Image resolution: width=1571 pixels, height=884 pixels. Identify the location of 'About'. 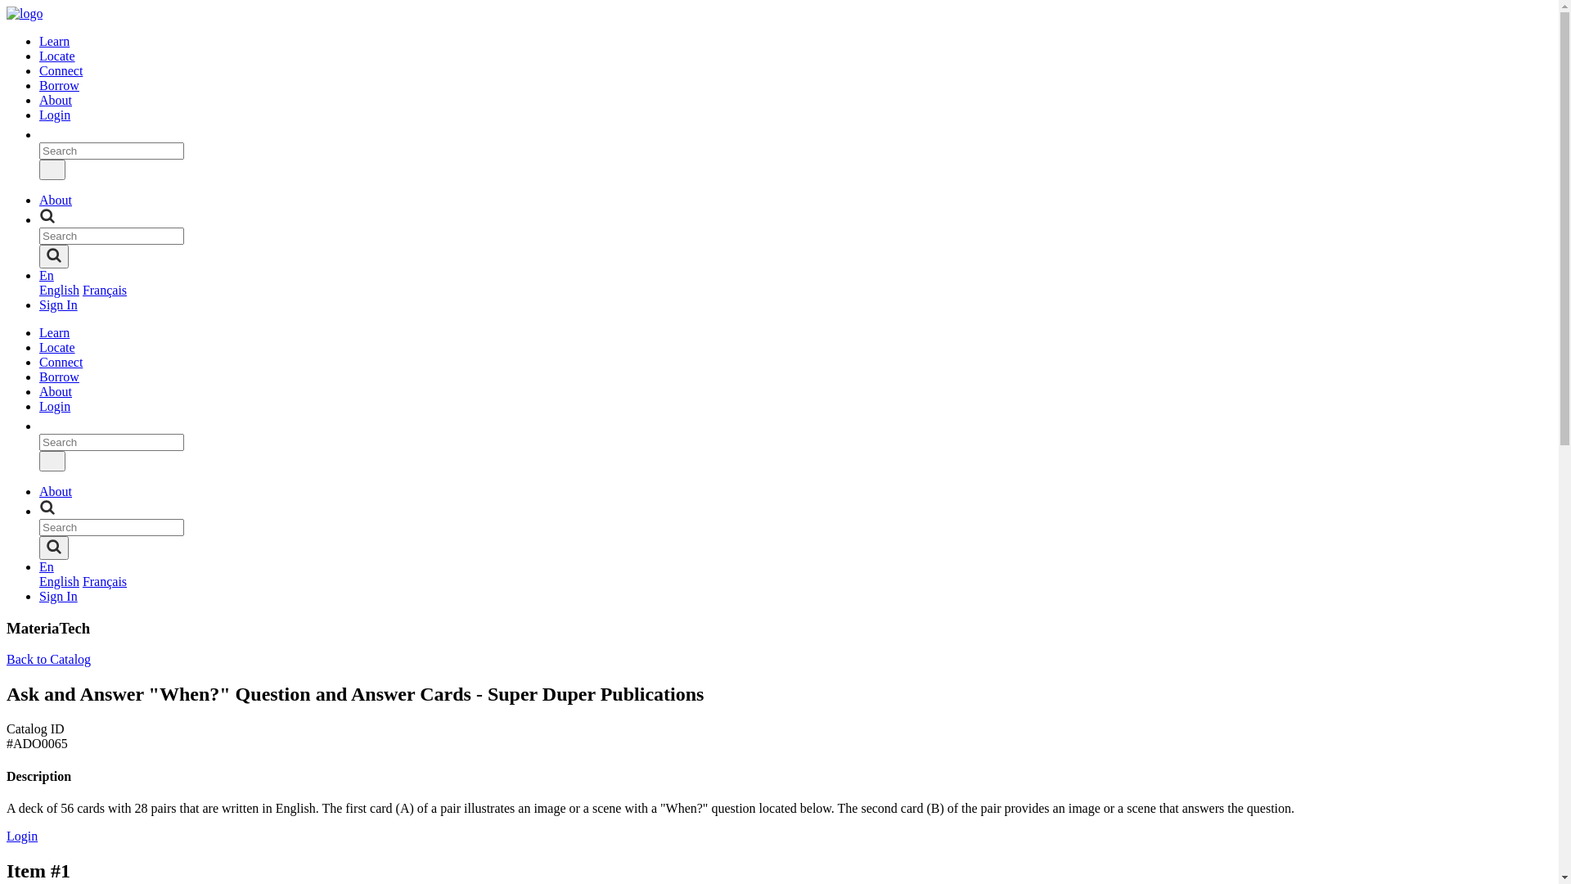
(55, 391).